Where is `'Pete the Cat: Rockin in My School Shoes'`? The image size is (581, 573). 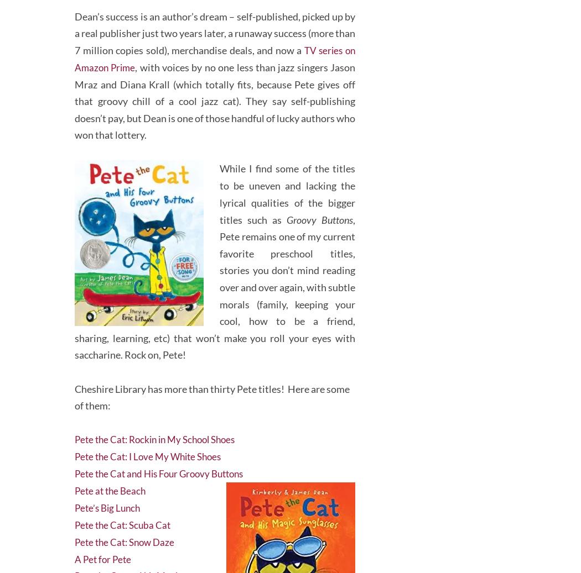 'Pete the Cat: Rockin in My School Shoes' is located at coordinates (74, 433).